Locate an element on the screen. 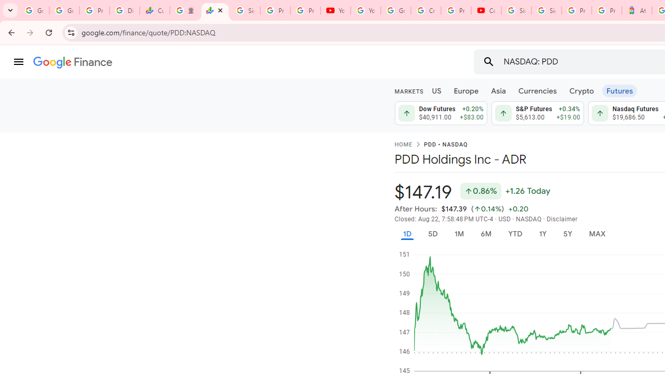 Image resolution: width=665 pixels, height=374 pixels. 'Google Workspace Admin Community' is located at coordinates (34, 10).